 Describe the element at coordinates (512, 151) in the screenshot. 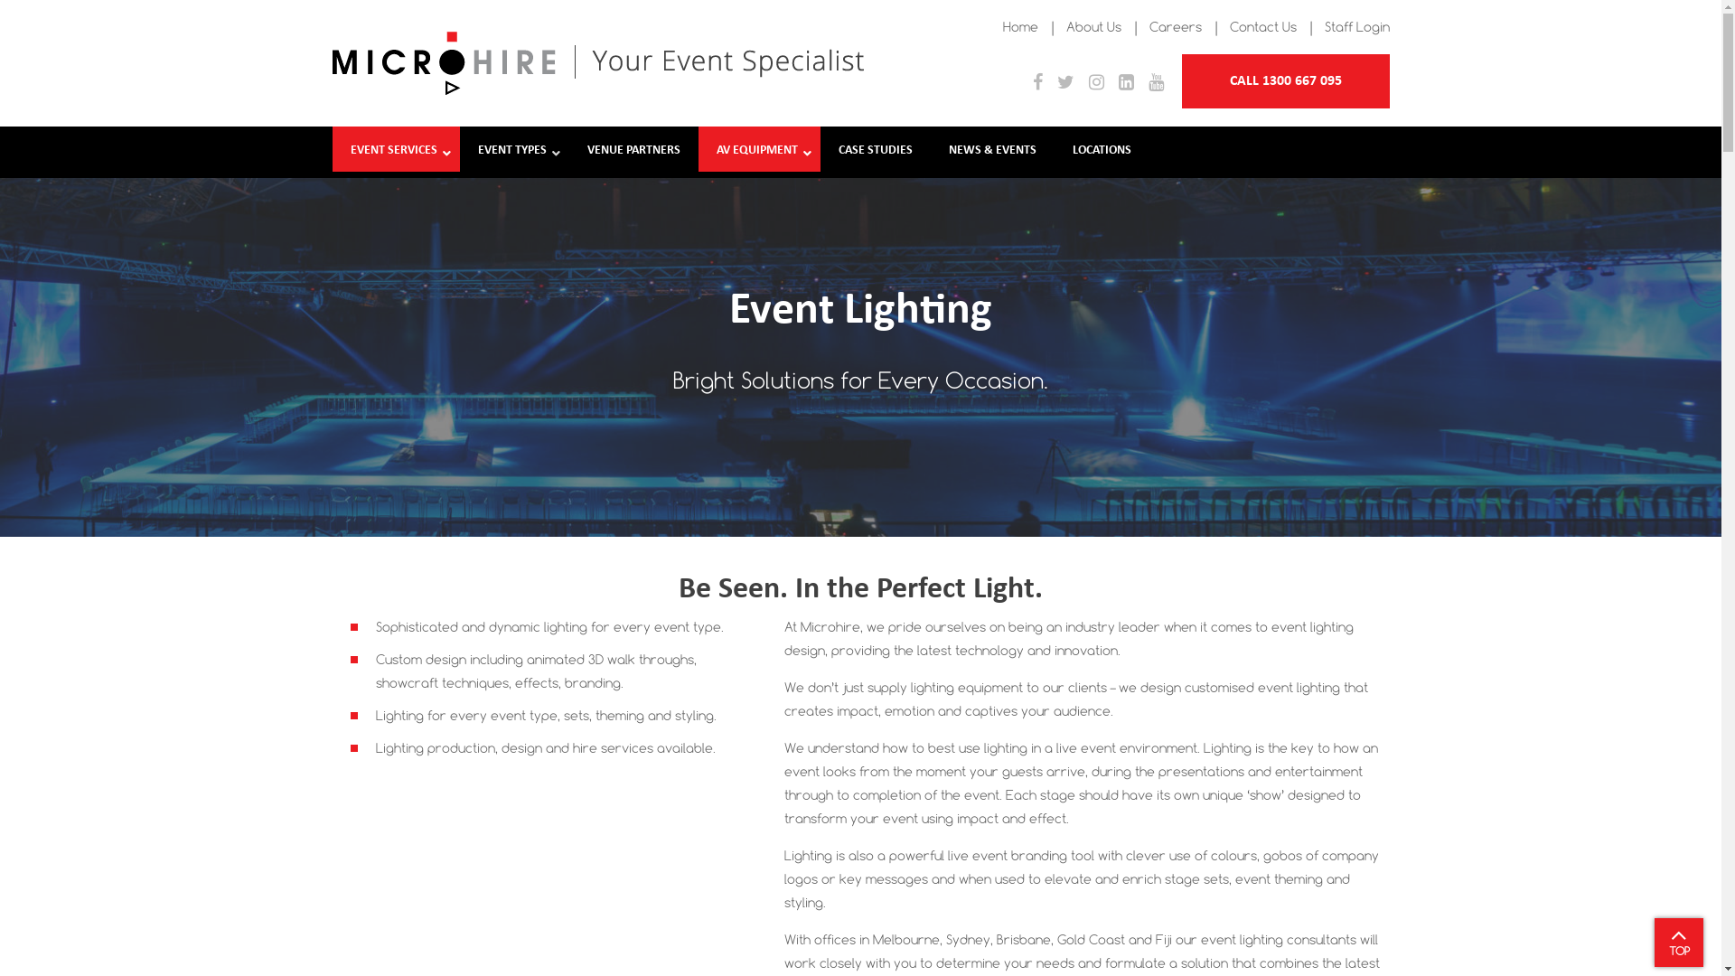

I see `'EVENT TYPES'` at that location.